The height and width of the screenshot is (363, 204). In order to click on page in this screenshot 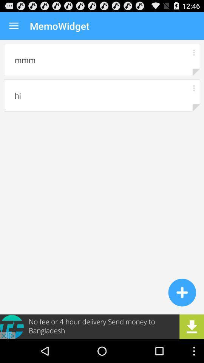, I will do `click(182, 292)`.